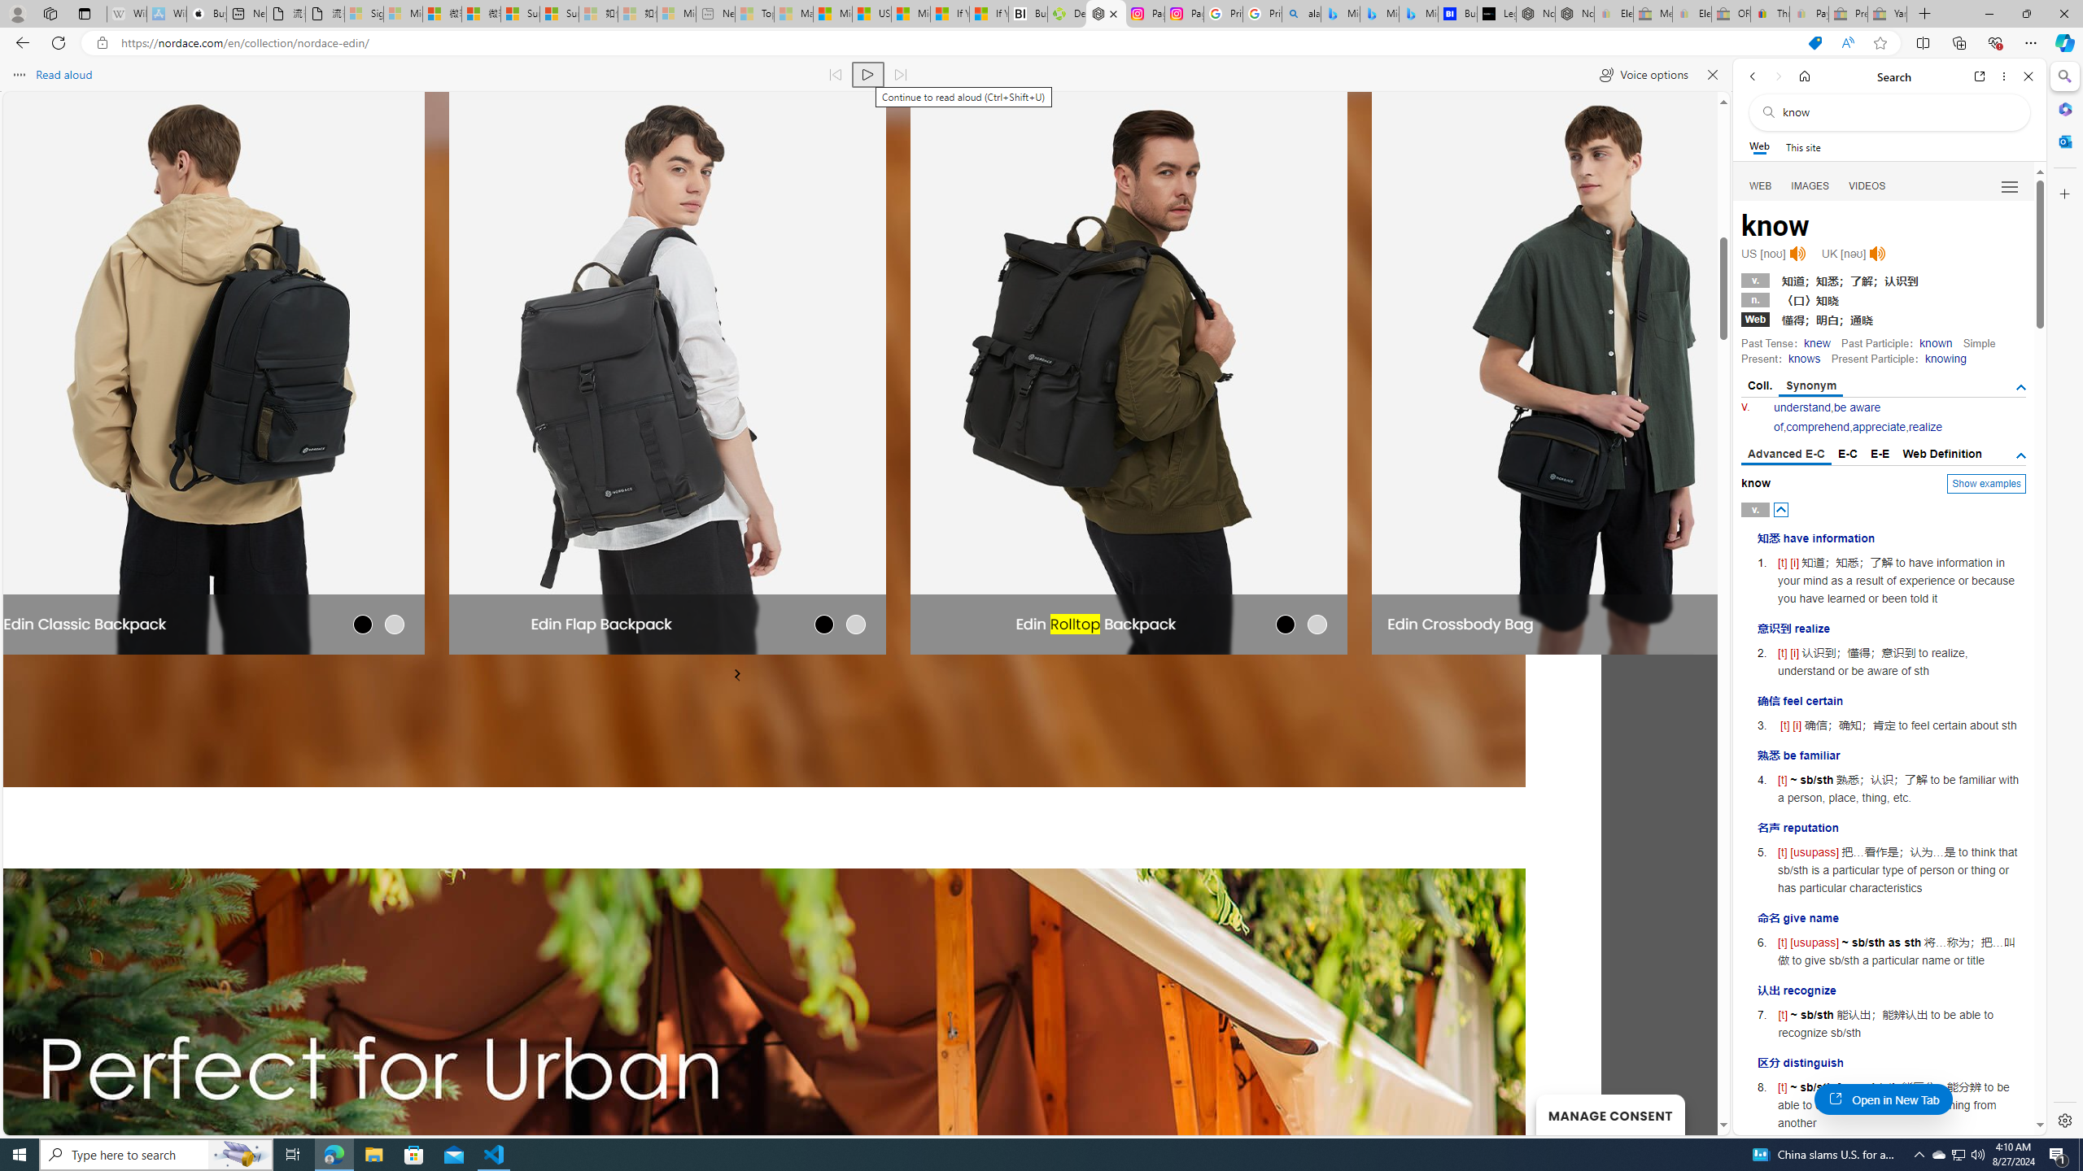 The image size is (2083, 1171). I want to click on 'AutomationID: posbtn_0', so click(1781, 510).